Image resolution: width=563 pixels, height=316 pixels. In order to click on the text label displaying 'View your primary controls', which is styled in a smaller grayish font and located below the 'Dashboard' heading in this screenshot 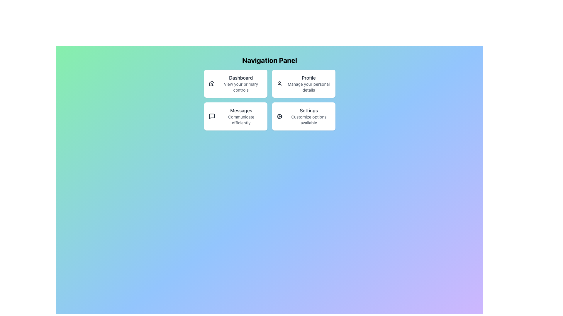, I will do `click(241, 87)`.